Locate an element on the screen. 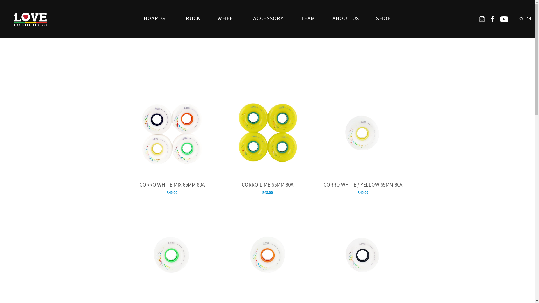  '1LOVEBOARDS' is located at coordinates (30, 19).